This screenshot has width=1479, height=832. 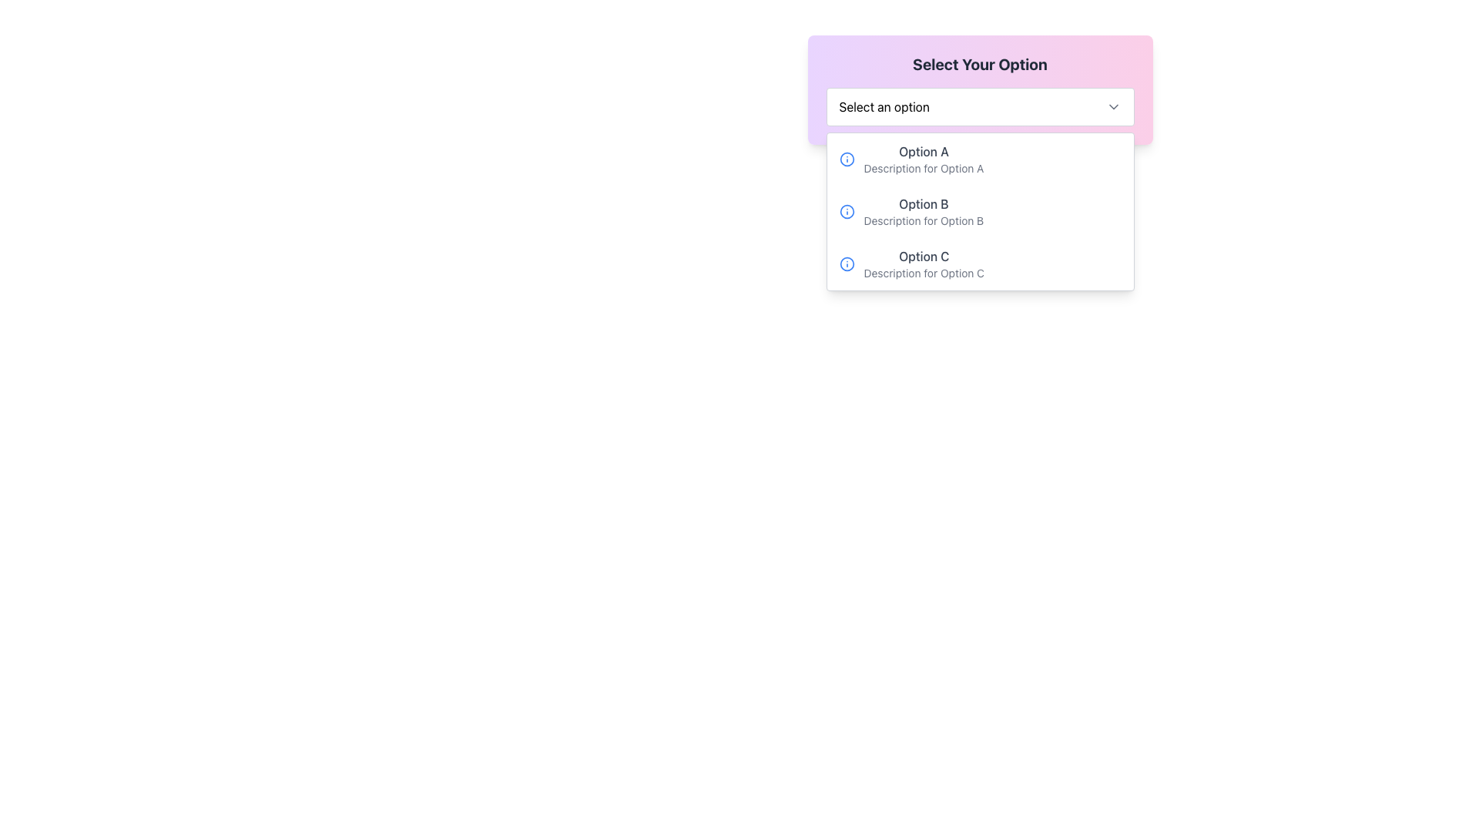 I want to click on to select the first option in the dropdown menu located directly below the dropdown input field, so click(x=979, y=159).